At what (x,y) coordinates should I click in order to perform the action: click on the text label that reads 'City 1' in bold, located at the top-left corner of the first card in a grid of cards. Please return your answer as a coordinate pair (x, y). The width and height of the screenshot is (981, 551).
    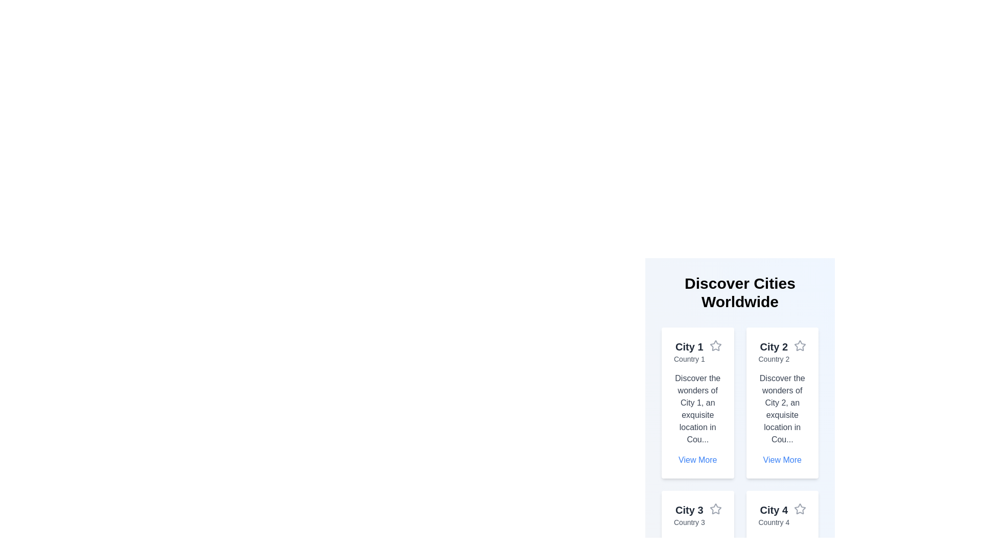
    Looking at the image, I should click on (689, 352).